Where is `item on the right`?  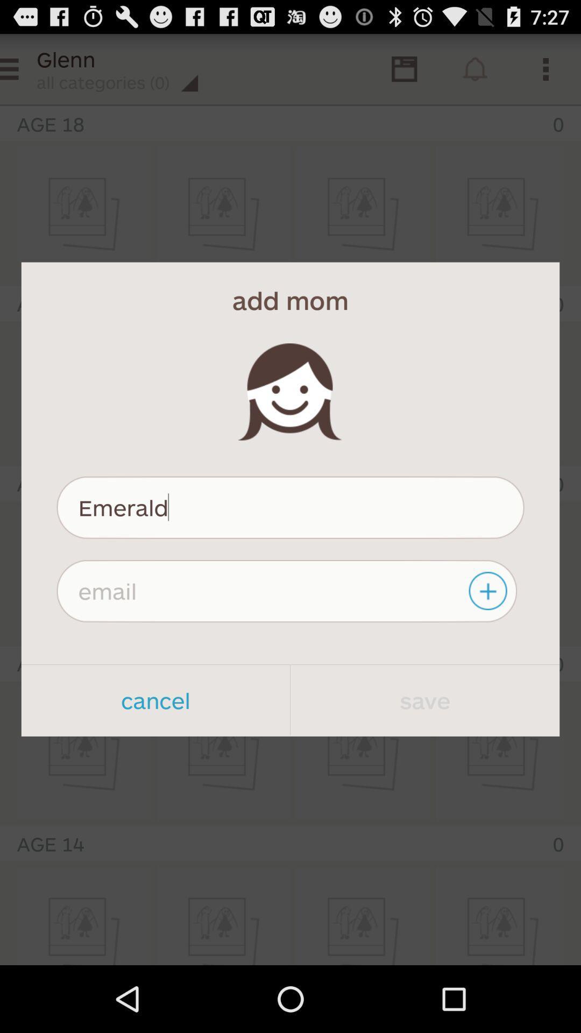
item on the right is located at coordinates (489, 590).